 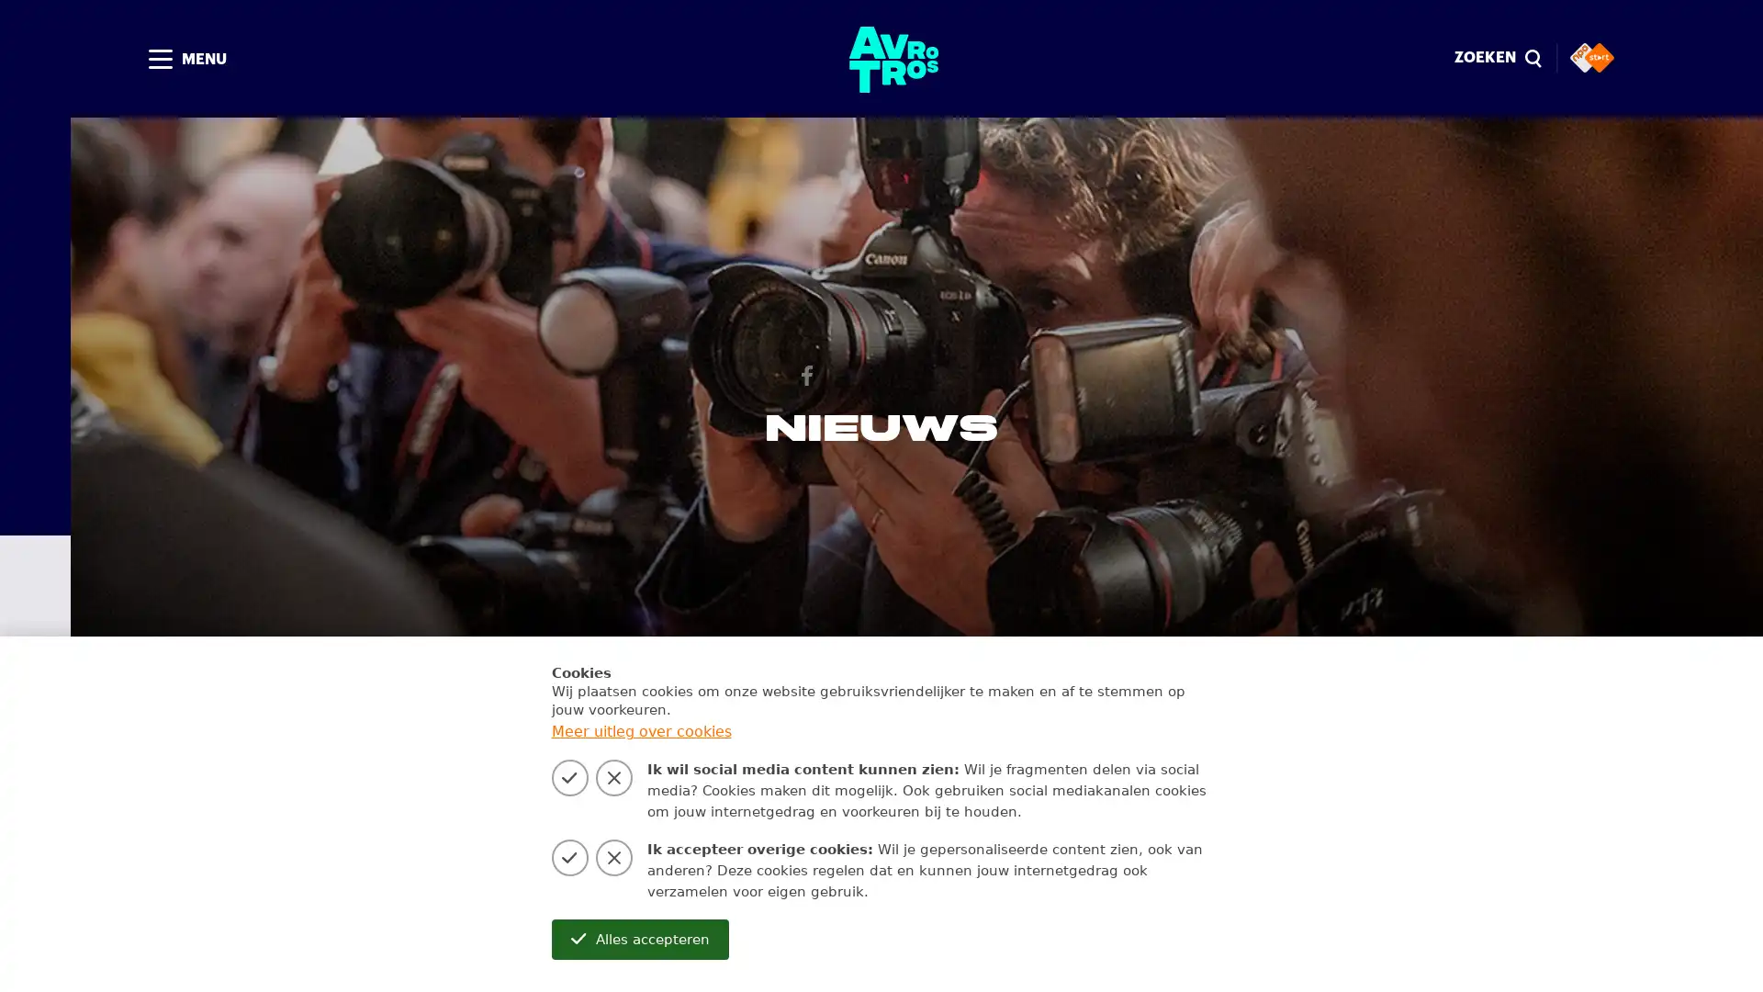 I want to click on Filter & sorteer, so click(x=1167, y=757).